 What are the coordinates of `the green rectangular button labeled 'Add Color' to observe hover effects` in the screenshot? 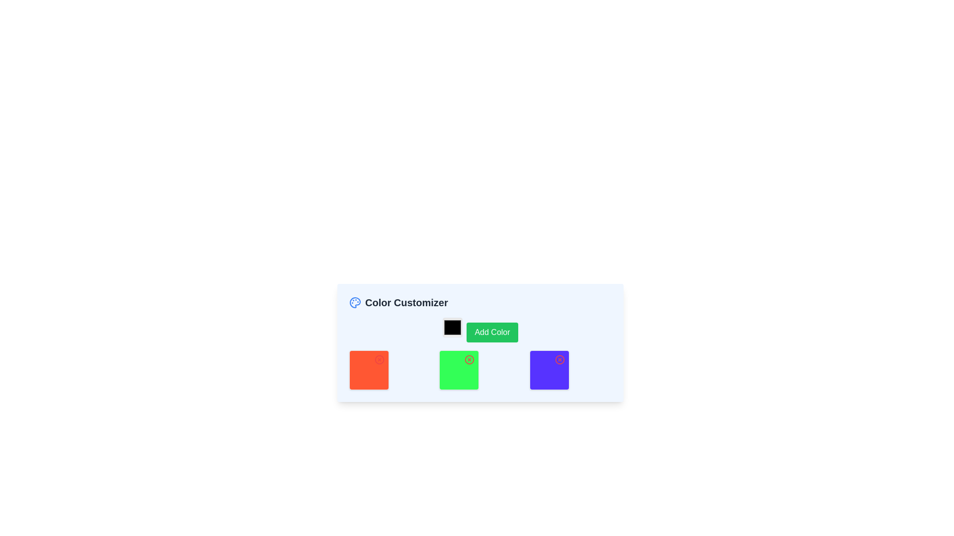 It's located at (480, 330).